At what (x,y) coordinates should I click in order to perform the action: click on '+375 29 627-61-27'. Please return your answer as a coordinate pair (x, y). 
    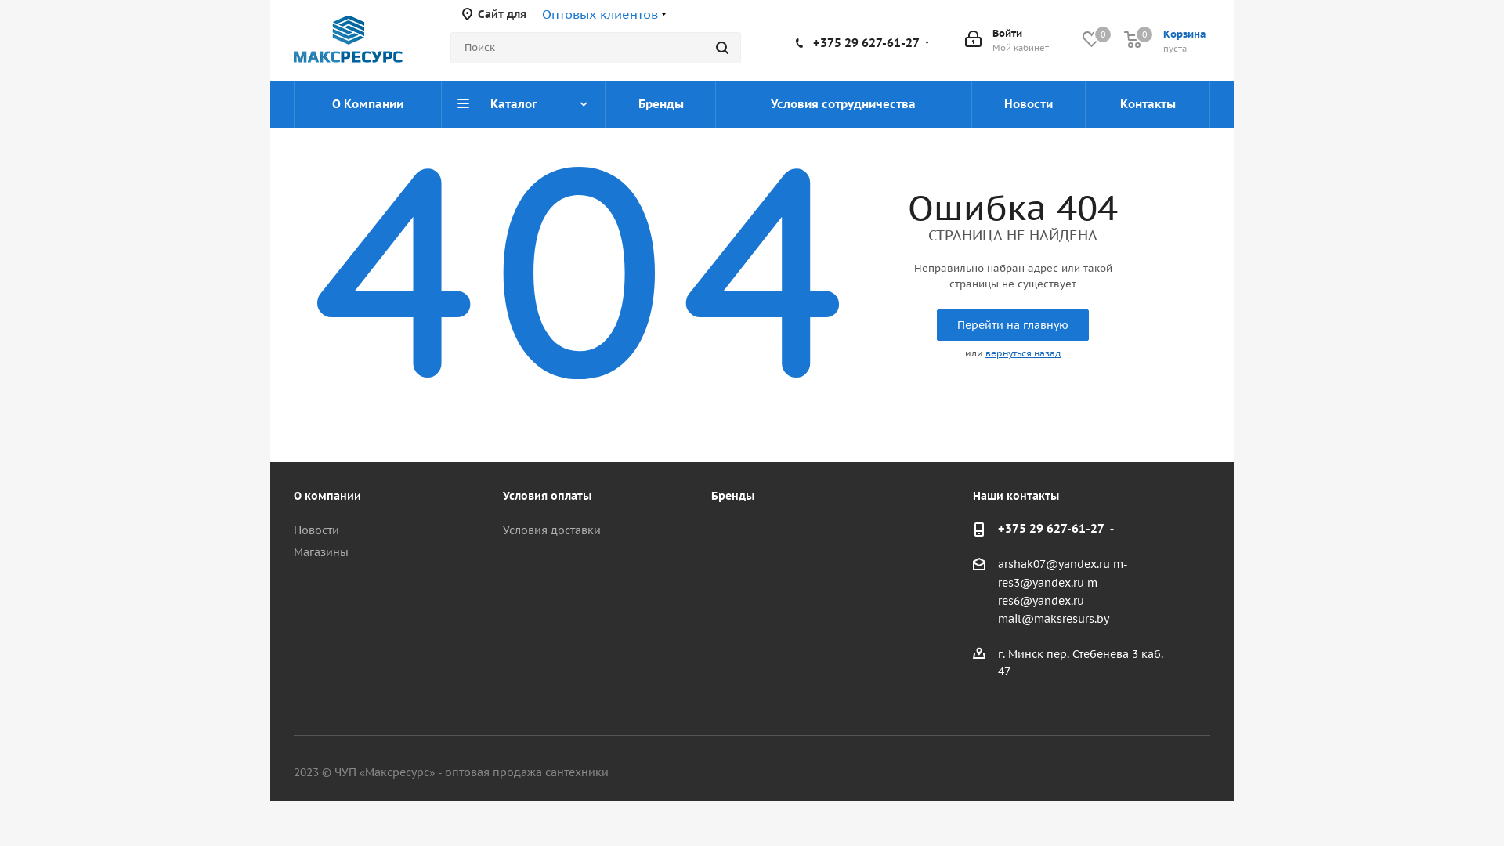
    Looking at the image, I should click on (1051, 529).